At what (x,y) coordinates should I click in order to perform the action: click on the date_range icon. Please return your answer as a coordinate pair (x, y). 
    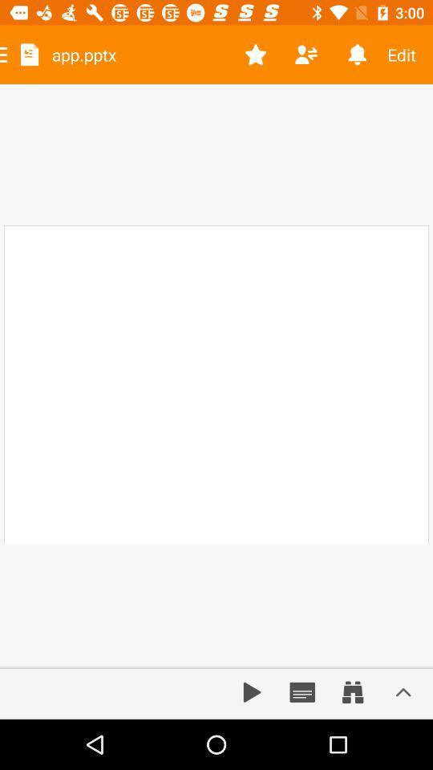
    Looking at the image, I should click on (353, 691).